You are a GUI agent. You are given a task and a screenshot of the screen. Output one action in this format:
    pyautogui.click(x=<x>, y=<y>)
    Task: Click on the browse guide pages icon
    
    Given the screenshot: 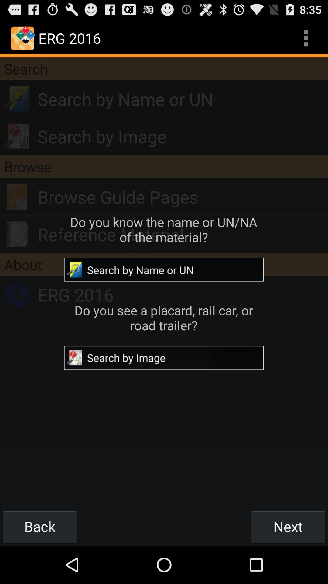 What is the action you would take?
    pyautogui.click(x=182, y=197)
    